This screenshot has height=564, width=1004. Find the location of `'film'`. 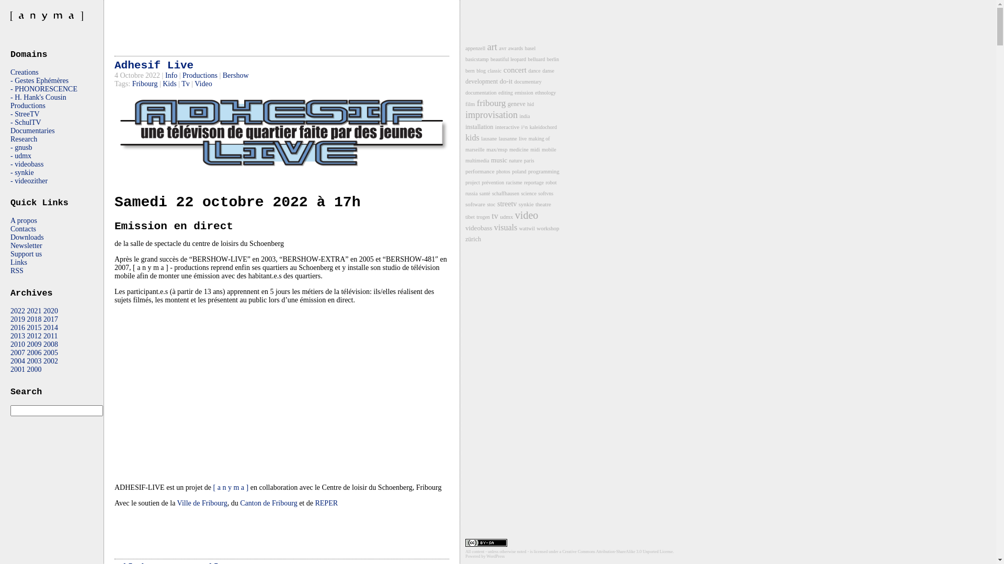

'film' is located at coordinates (469, 104).